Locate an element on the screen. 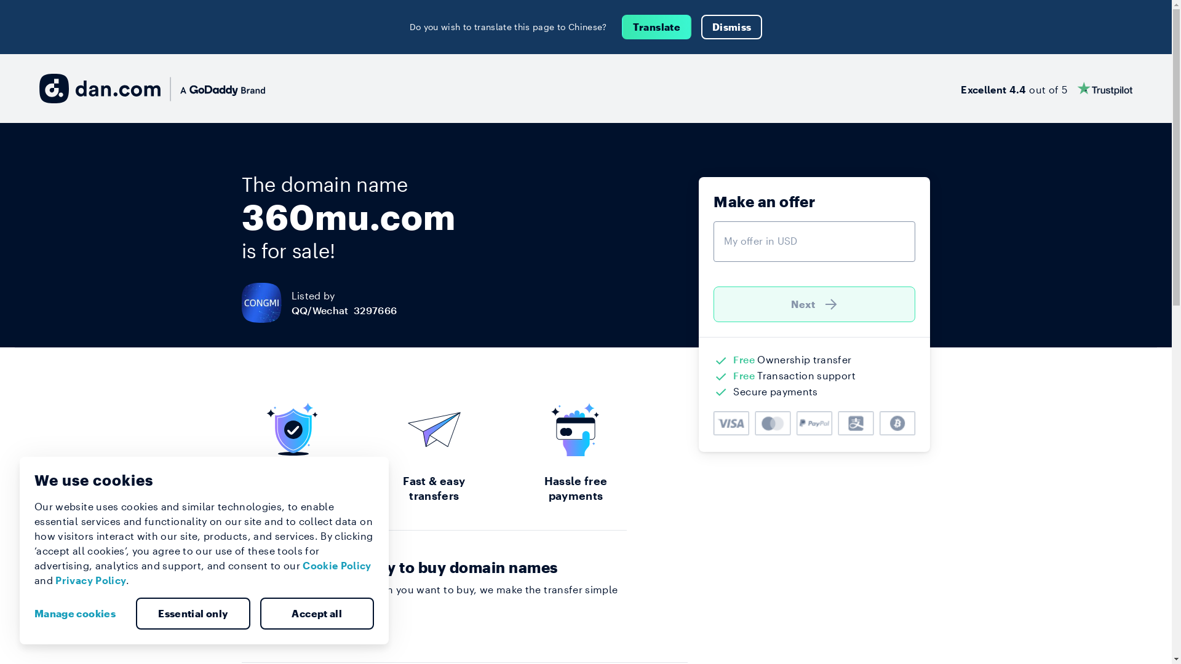  'Translate' is located at coordinates (656, 26).